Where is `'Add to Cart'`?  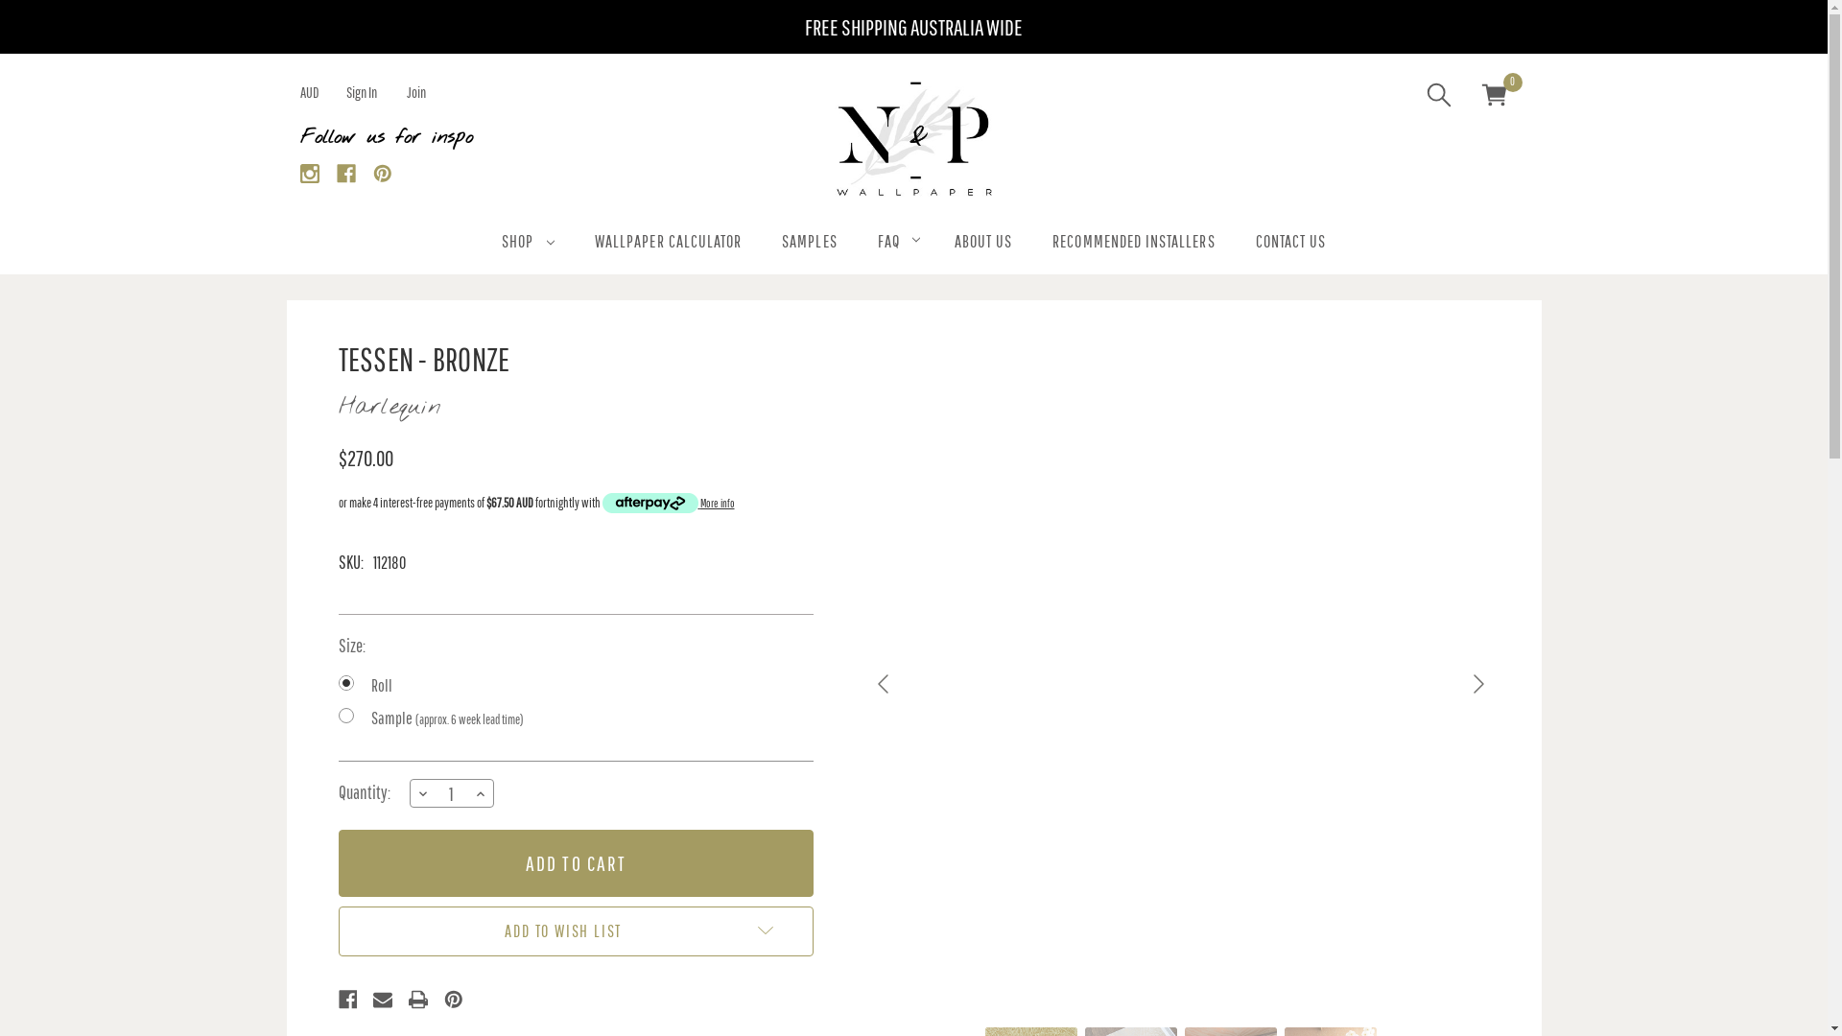 'Add to Cart' is located at coordinates (574, 861).